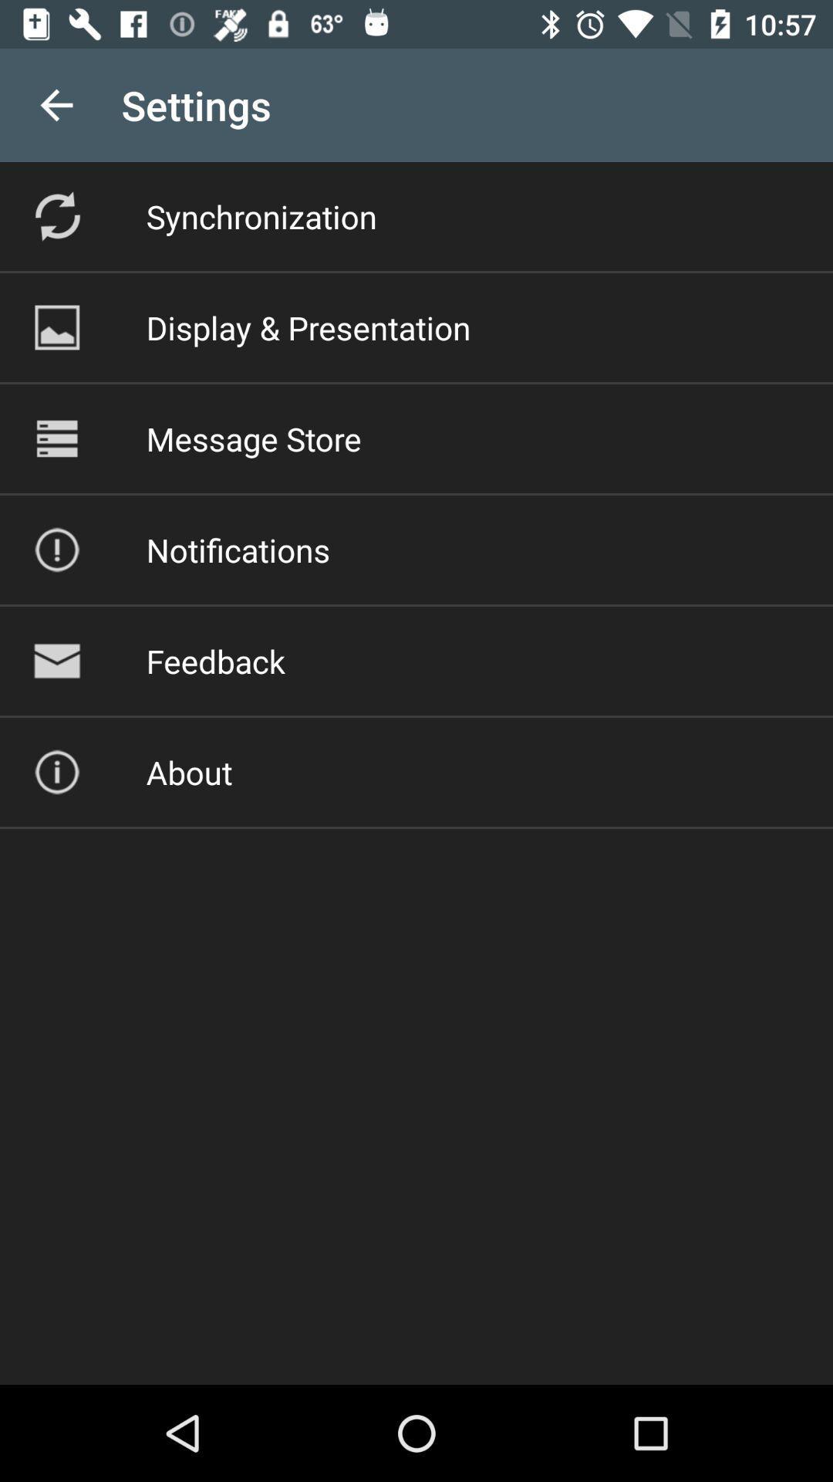  I want to click on icon below the settings app, so click(261, 215).